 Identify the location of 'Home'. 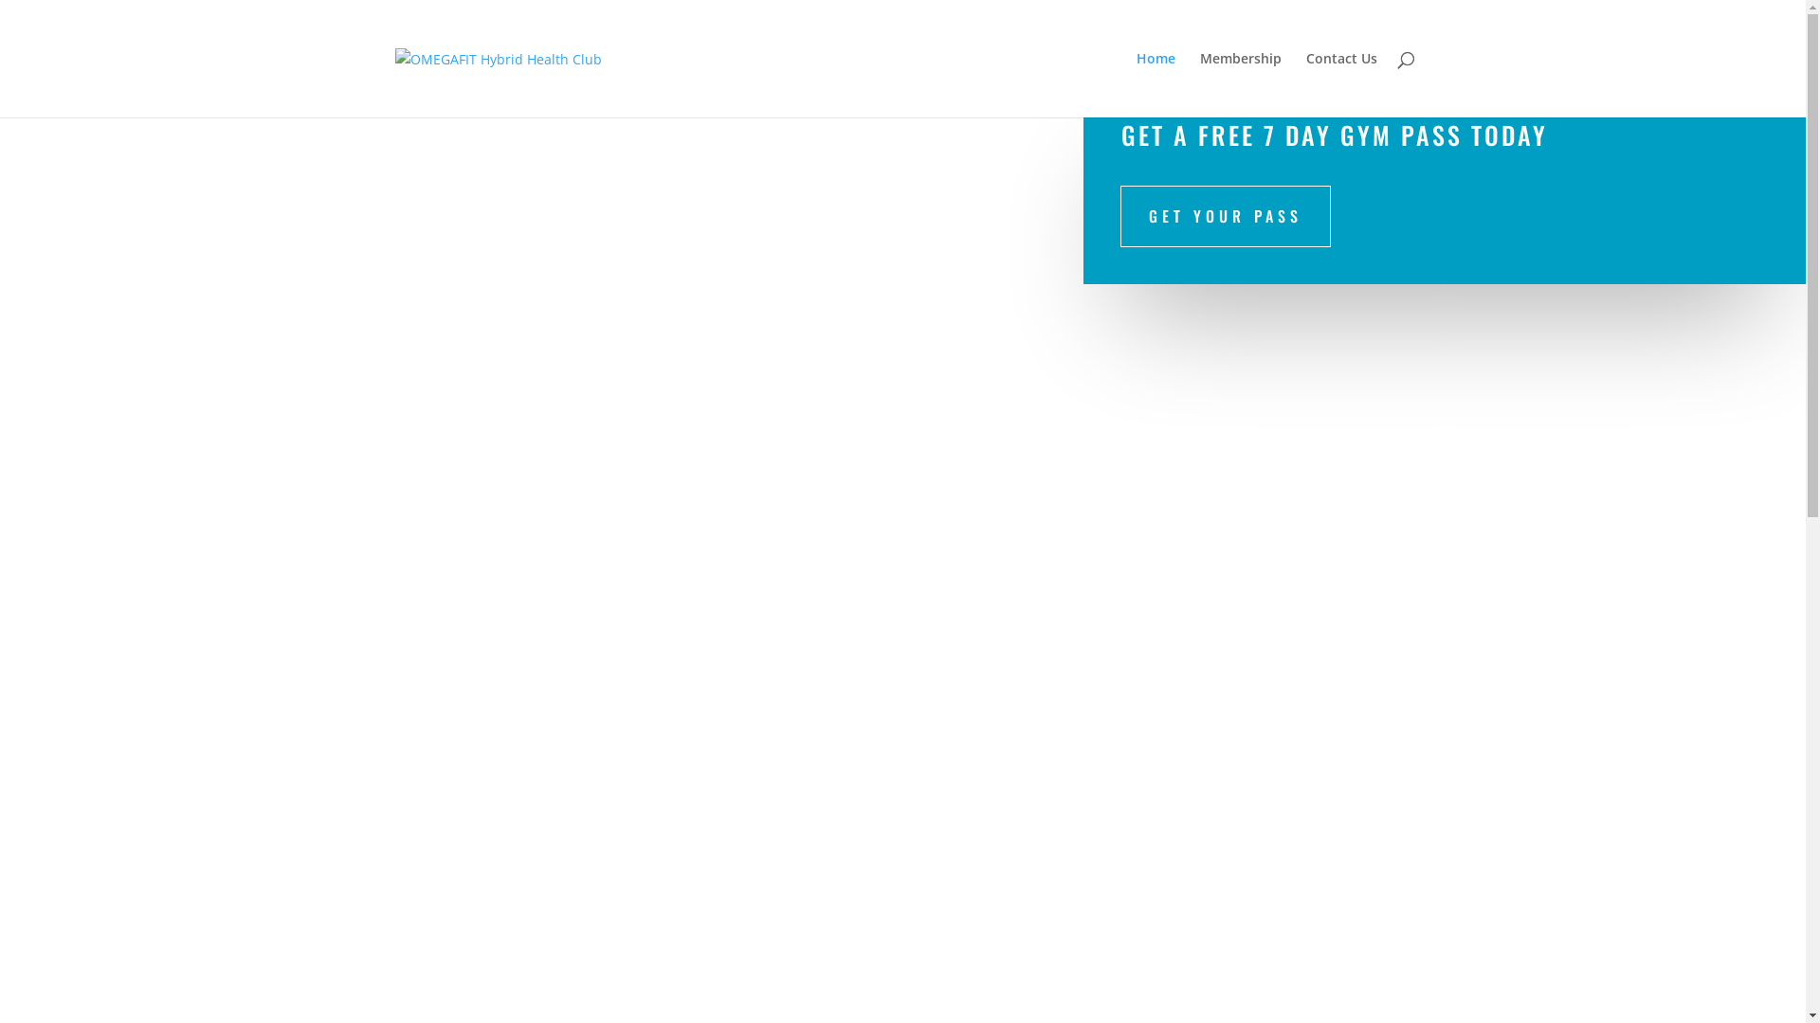
(1154, 83).